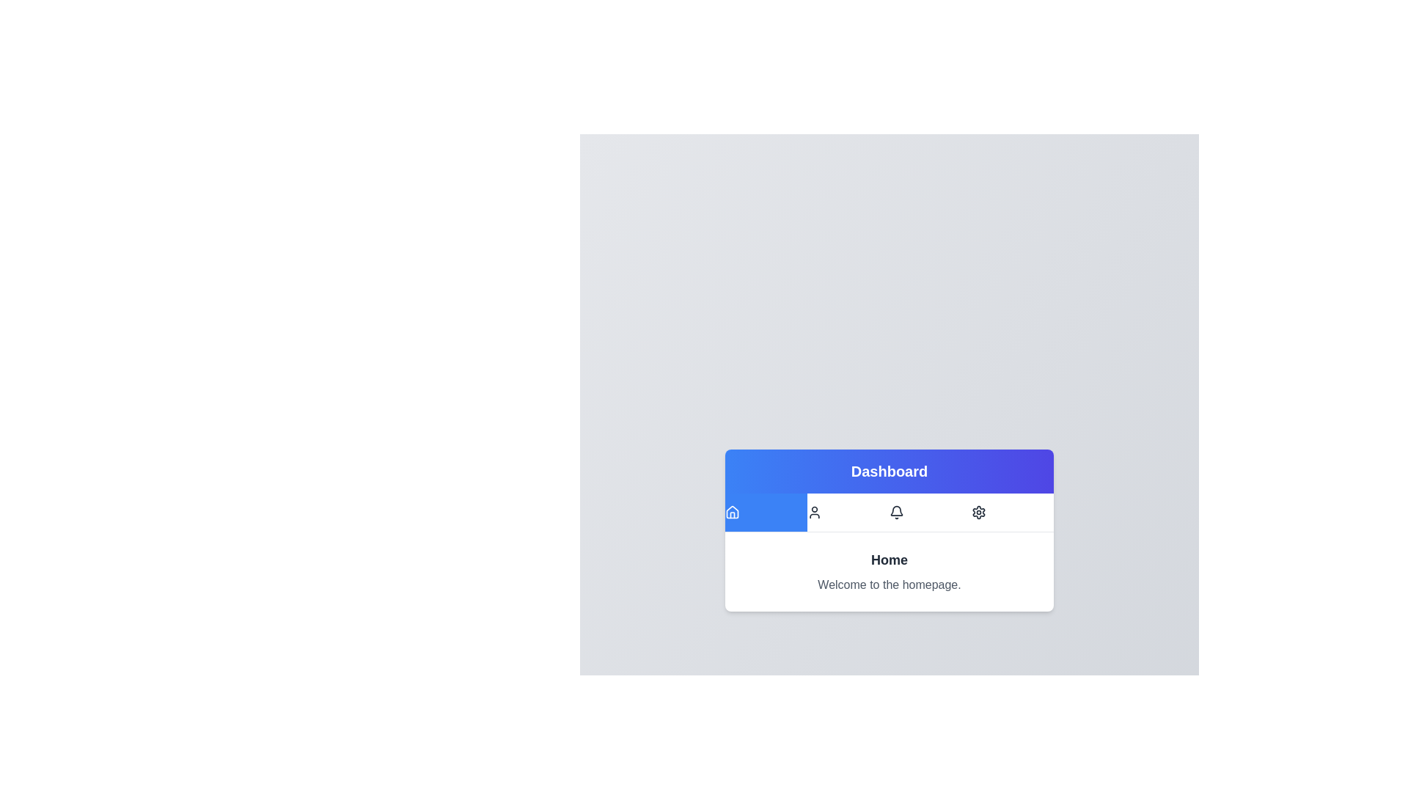  What do you see at coordinates (848, 511) in the screenshot?
I see `the Profile tab to navigate to the corresponding section` at bounding box center [848, 511].